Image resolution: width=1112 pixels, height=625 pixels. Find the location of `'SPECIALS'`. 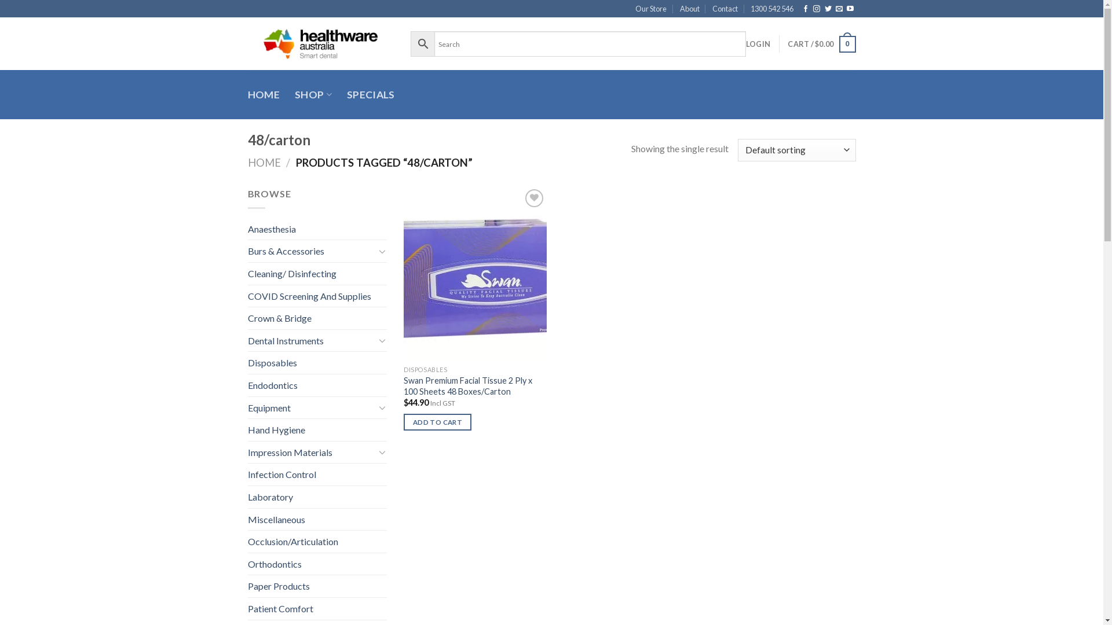

'SPECIALS' is located at coordinates (346, 94).